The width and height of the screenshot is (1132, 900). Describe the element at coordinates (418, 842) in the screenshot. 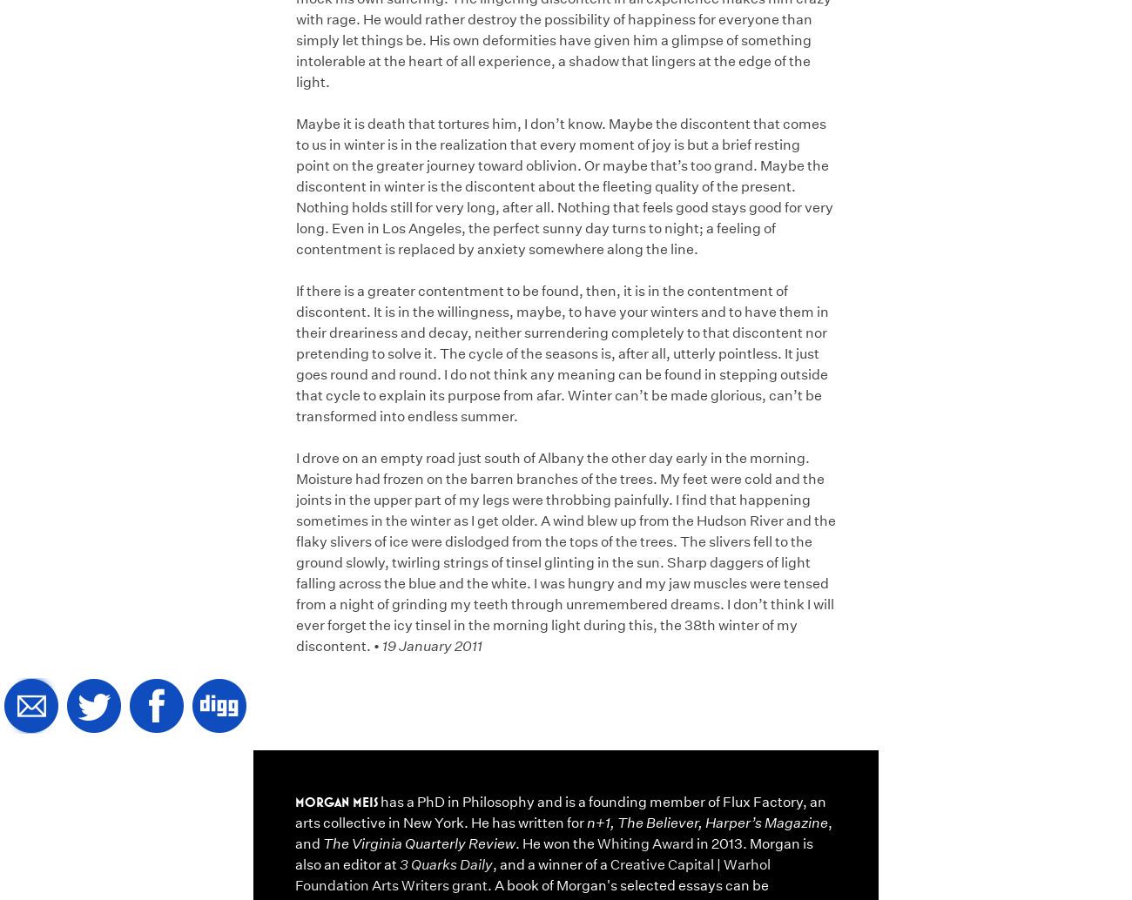

I see `'The Virginia Quarterly Review'` at that location.